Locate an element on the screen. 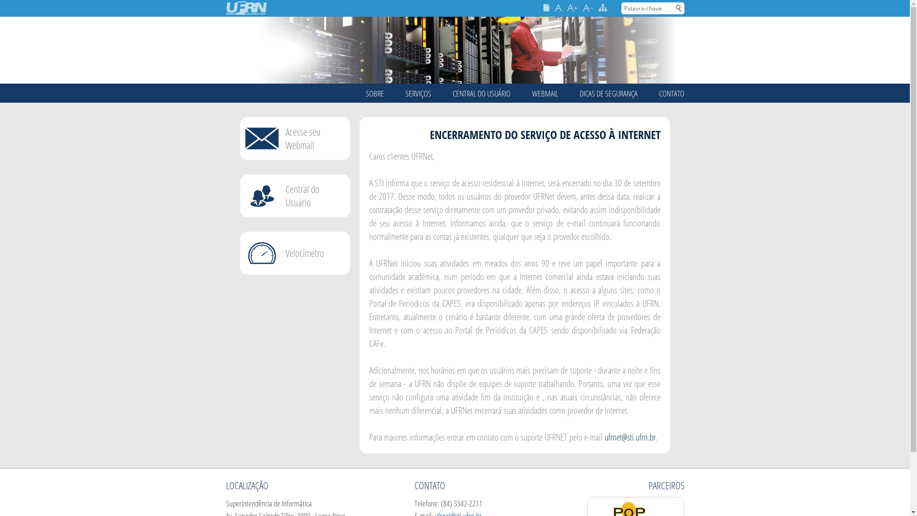 The height and width of the screenshot is (516, 917). 'SOBRE' is located at coordinates (374, 93).